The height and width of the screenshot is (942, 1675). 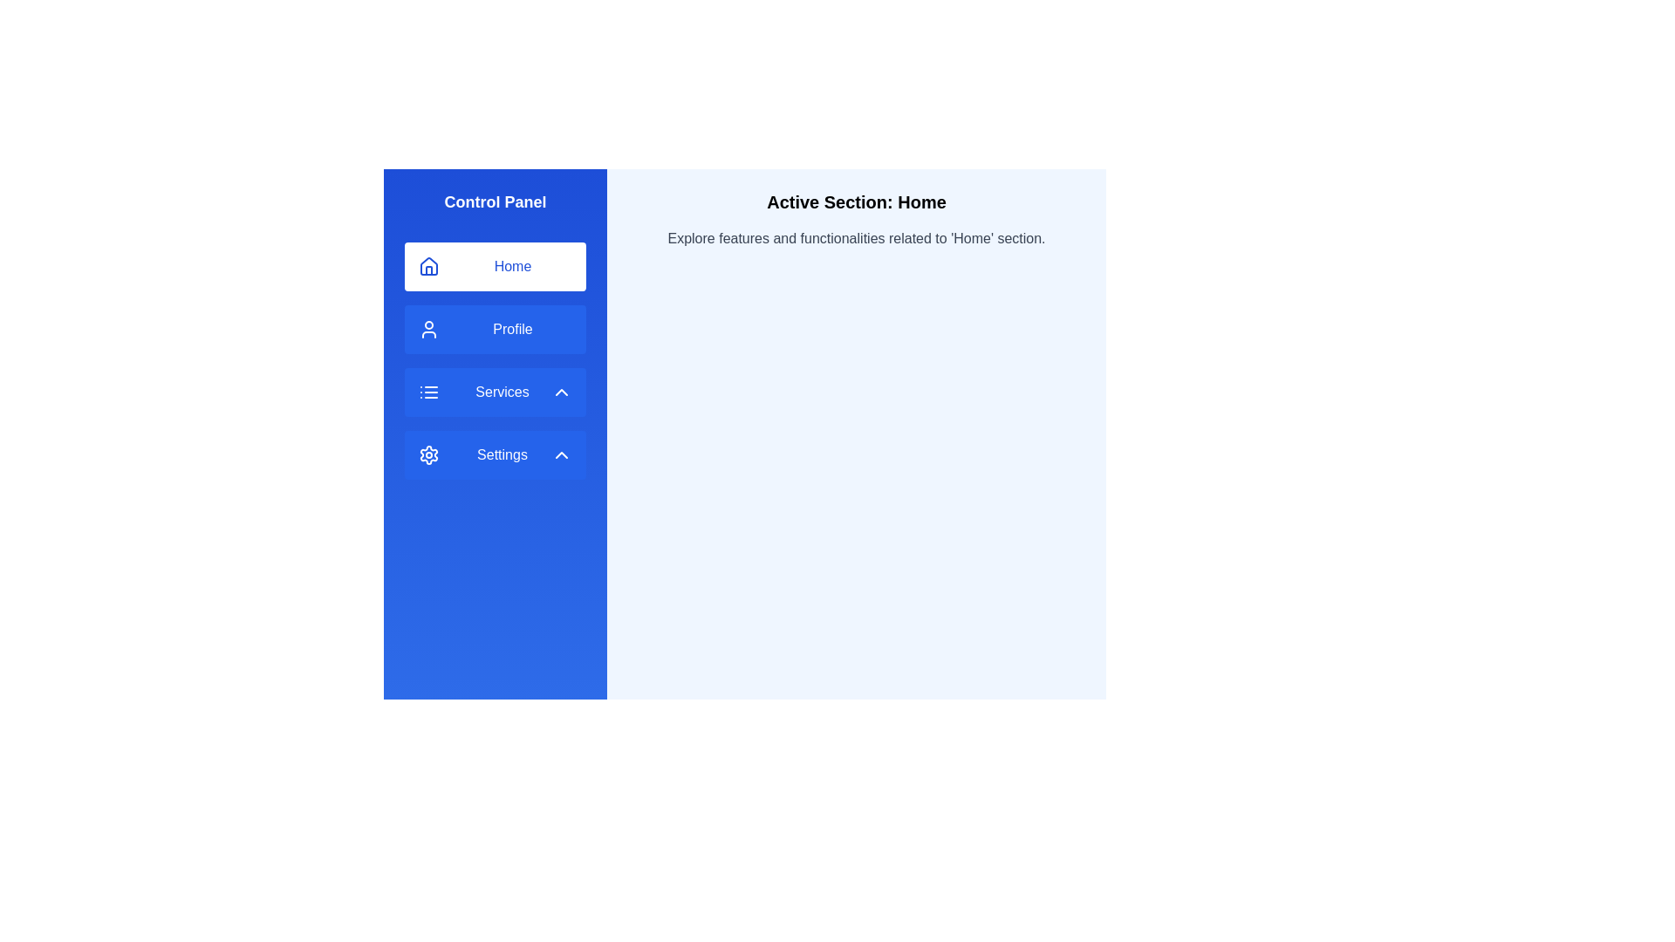 I want to click on the 'Settings' graphical icon located in the side navigation panel, so click(x=428, y=454).